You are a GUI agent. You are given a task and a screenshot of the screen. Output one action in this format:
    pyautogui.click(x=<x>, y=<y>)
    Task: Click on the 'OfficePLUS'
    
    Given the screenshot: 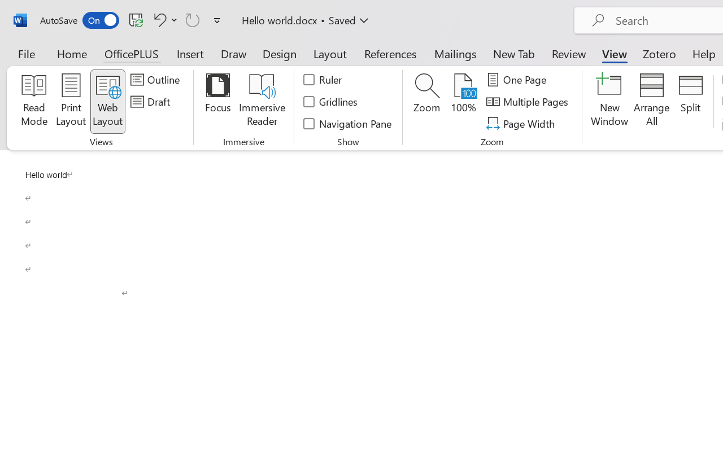 What is the action you would take?
    pyautogui.click(x=132, y=53)
    